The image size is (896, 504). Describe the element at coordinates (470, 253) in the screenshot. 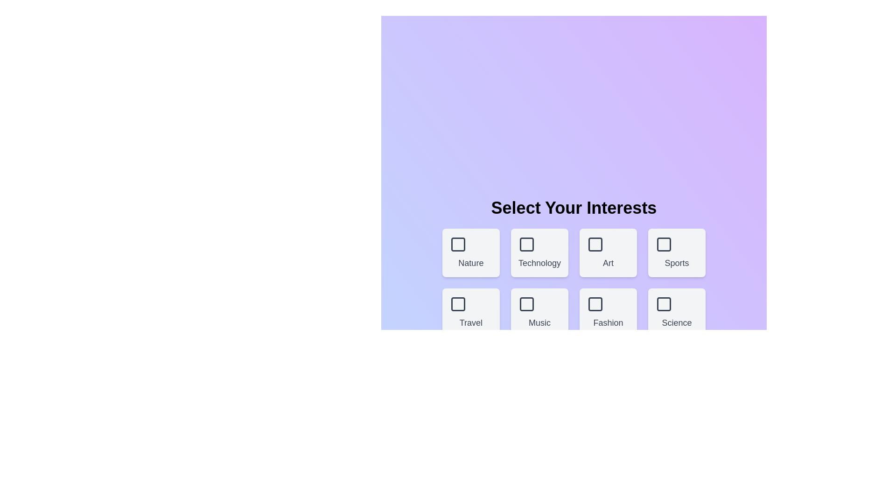

I see `the box corresponding to the theme Nature to select or deselect it` at that location.